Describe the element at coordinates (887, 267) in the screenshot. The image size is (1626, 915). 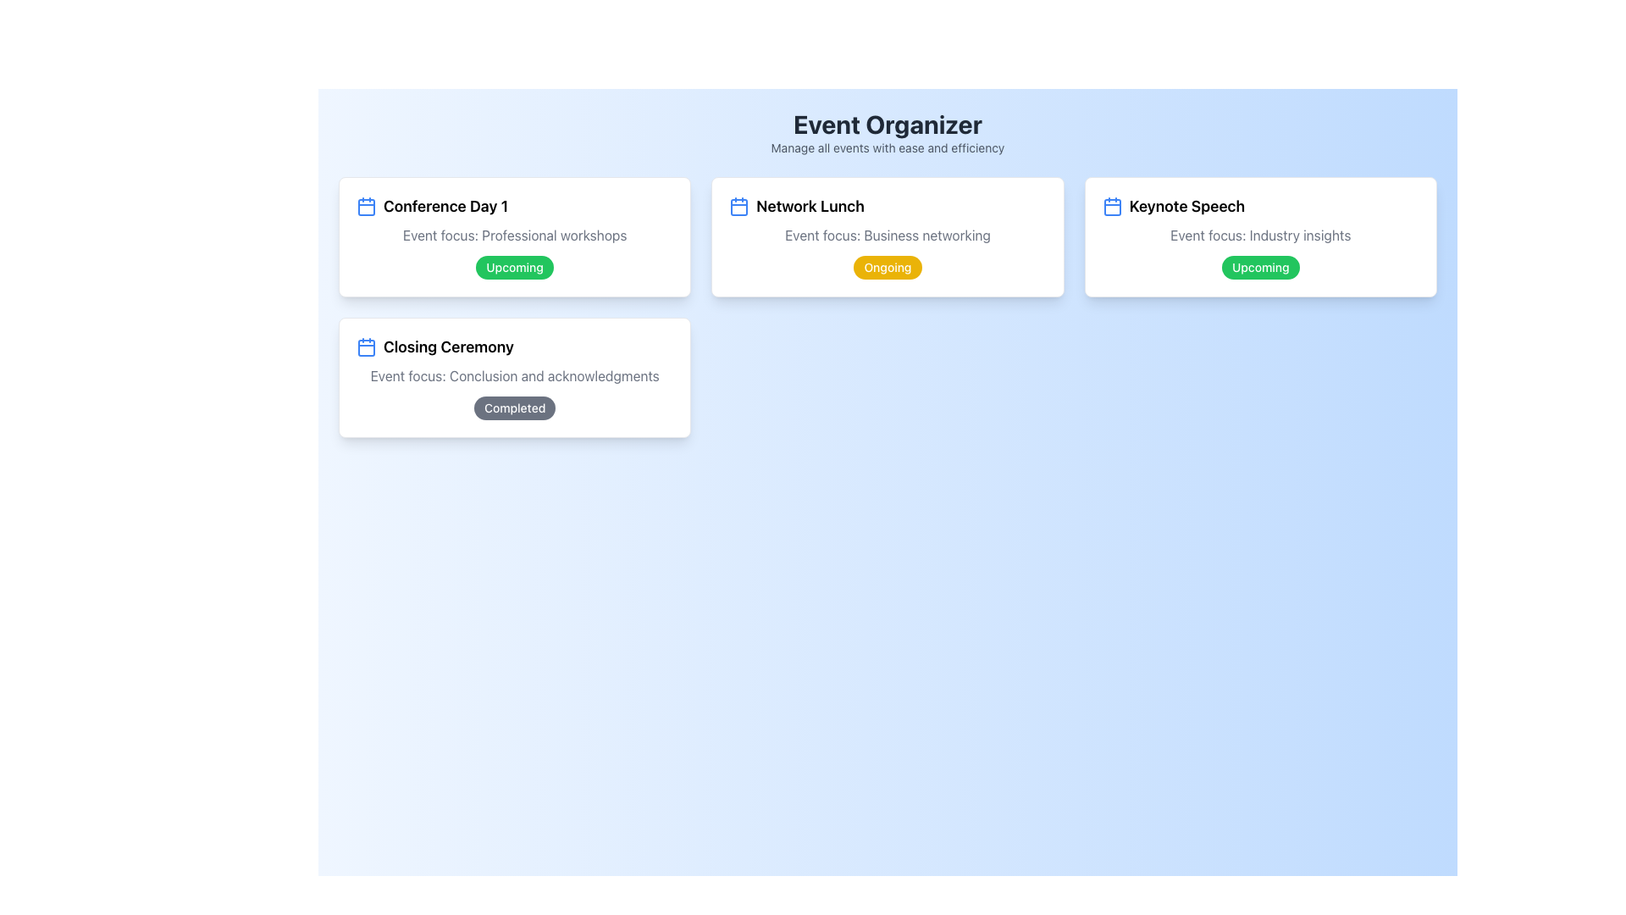
I see `the pill-shaped label with a yellow background and white text reading 'Ongoing', located within the 'Network Lunch' card, positioned towards the bottom-right corner under 'Event focus: Business networking'` at that location.